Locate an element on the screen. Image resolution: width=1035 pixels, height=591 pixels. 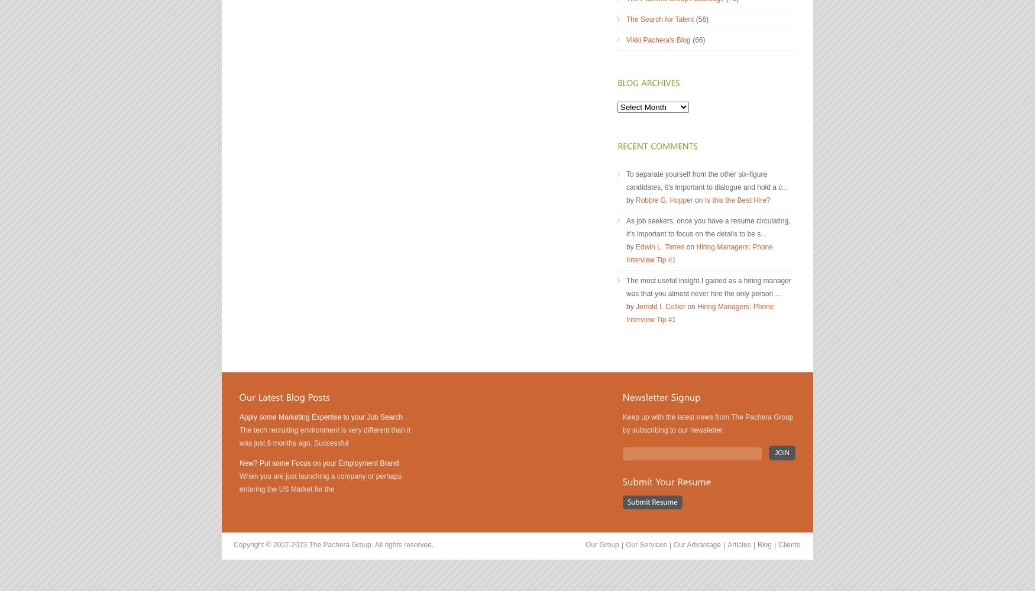
'Our Group' is located at coordinates (601, 545).